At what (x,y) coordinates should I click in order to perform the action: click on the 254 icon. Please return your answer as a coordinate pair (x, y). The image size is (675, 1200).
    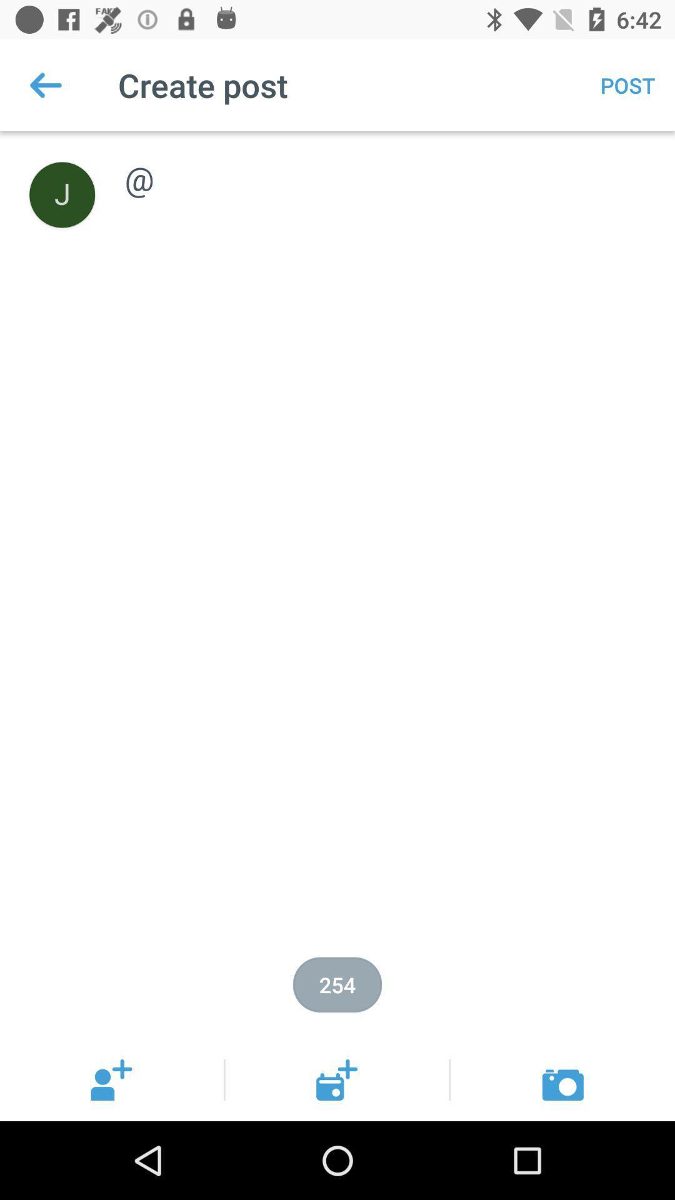
    Looking at the image, I should click on (337, 984).